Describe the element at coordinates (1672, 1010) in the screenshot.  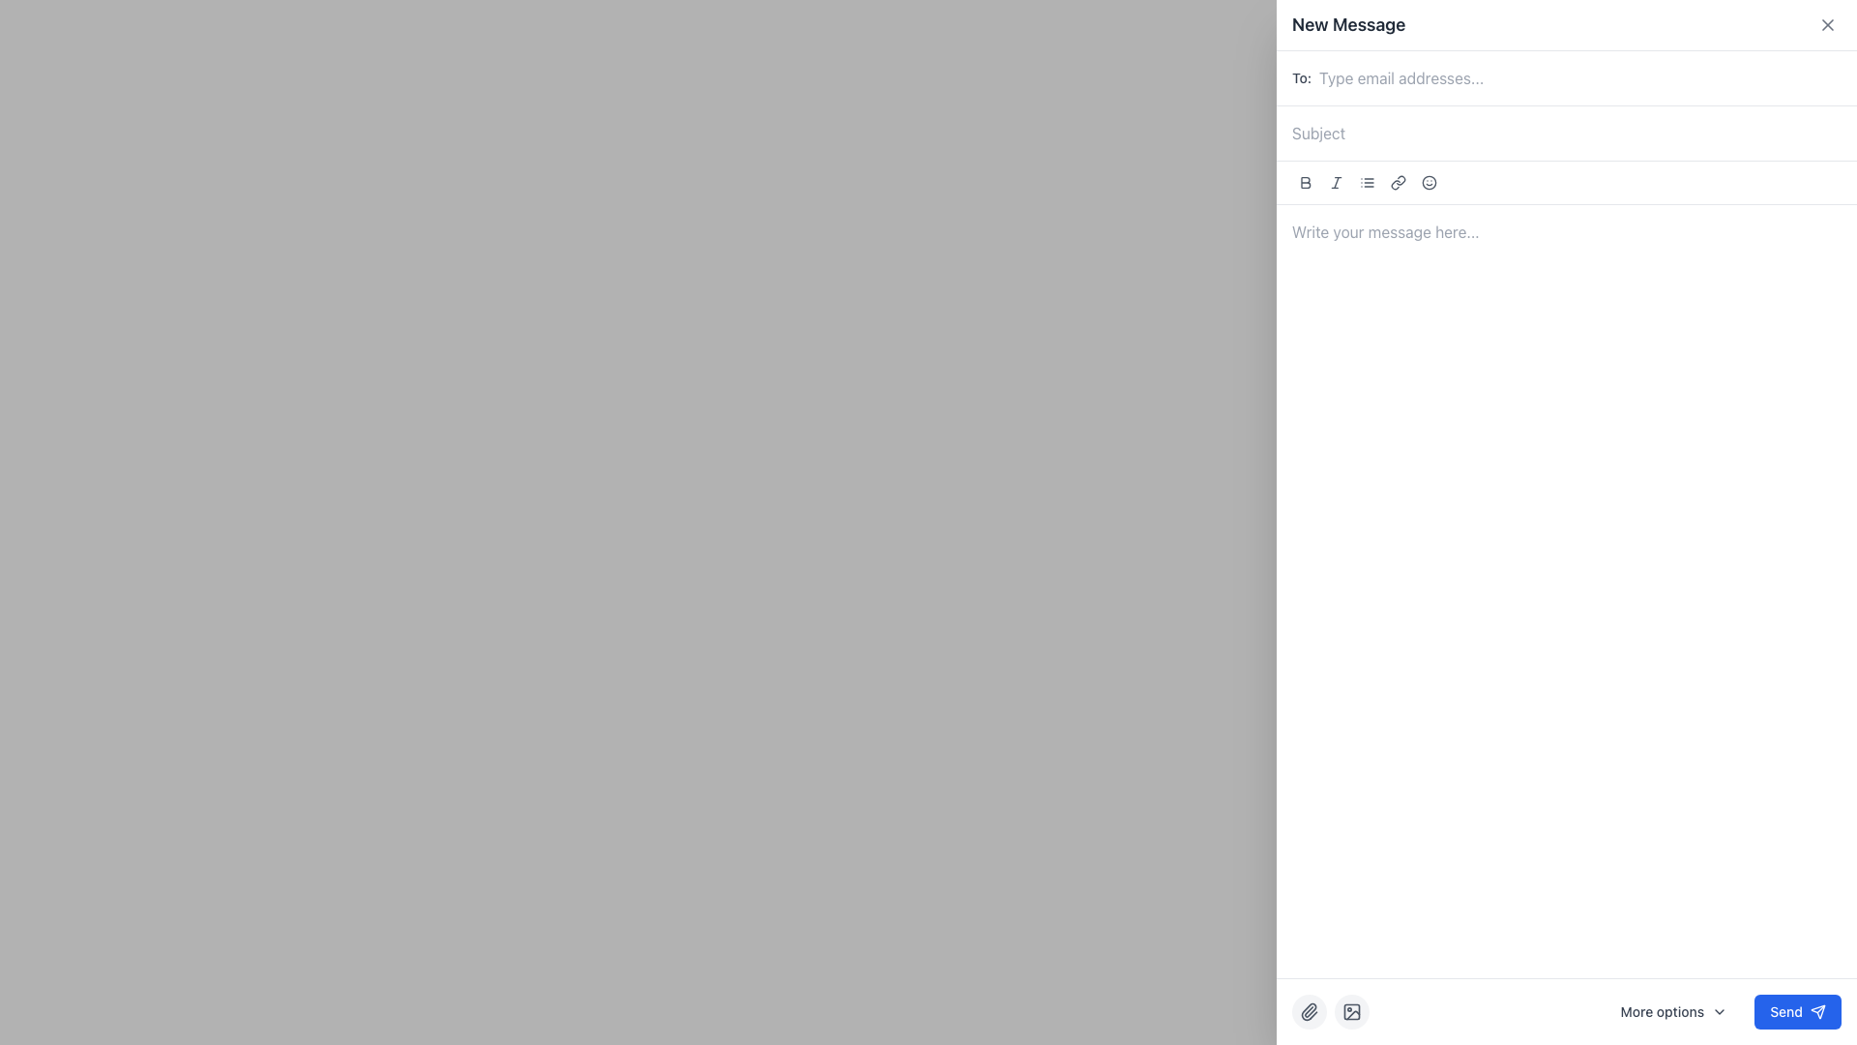
I see `the button with dropdown functionality located in the bottom right corner of the interface within the toolbar` at that location.